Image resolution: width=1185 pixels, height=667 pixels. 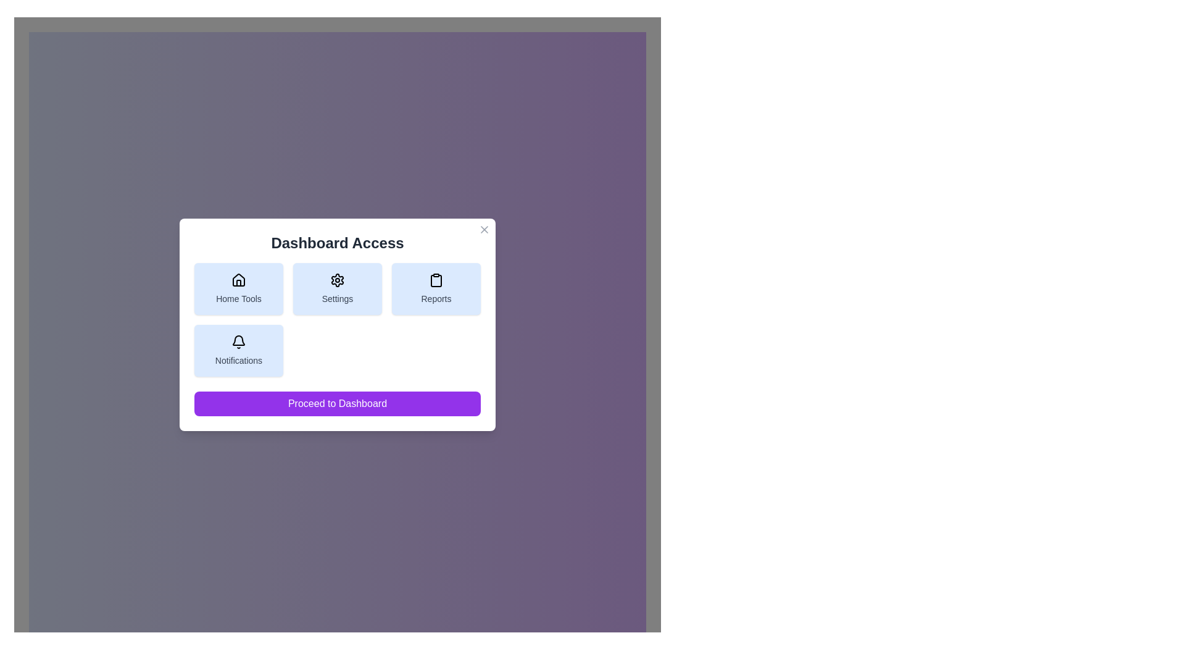 I want to click on the 'Settings' button, which is a rectangular button with a light blue background and a black gear icon, located in the central position of the grid layout in the 'Dashboard Access' modal dialog, so click(x=338, y=288).